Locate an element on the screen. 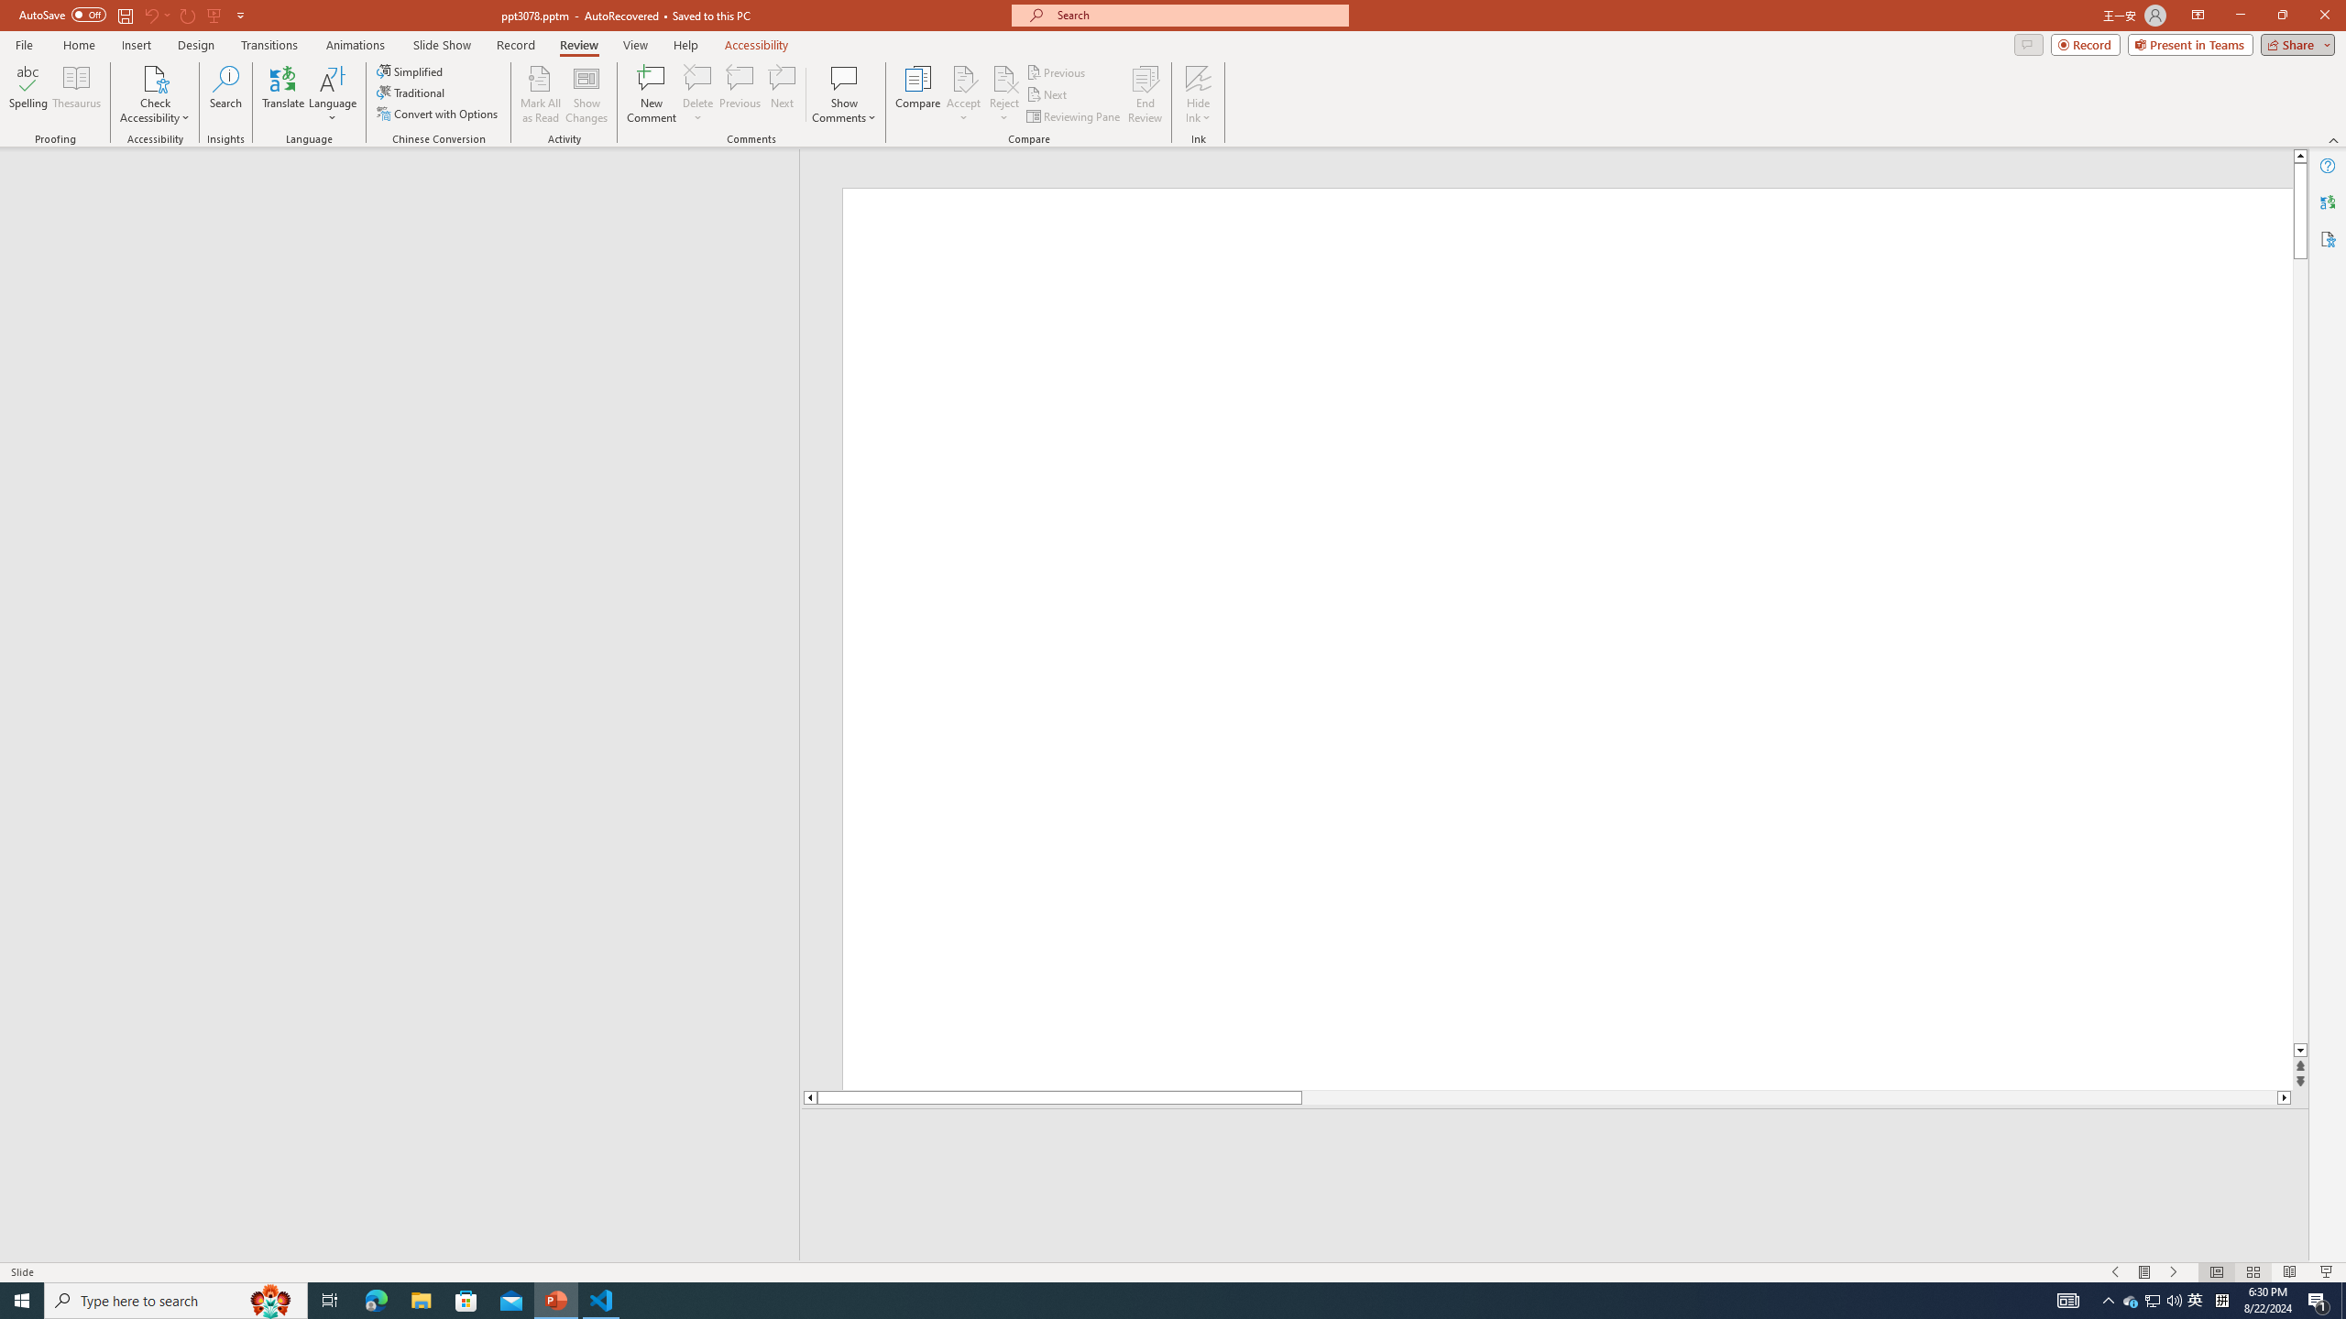 This screenshot has width=2346, height=1319. 'Show Changes' is located at coordinates (586, 94).